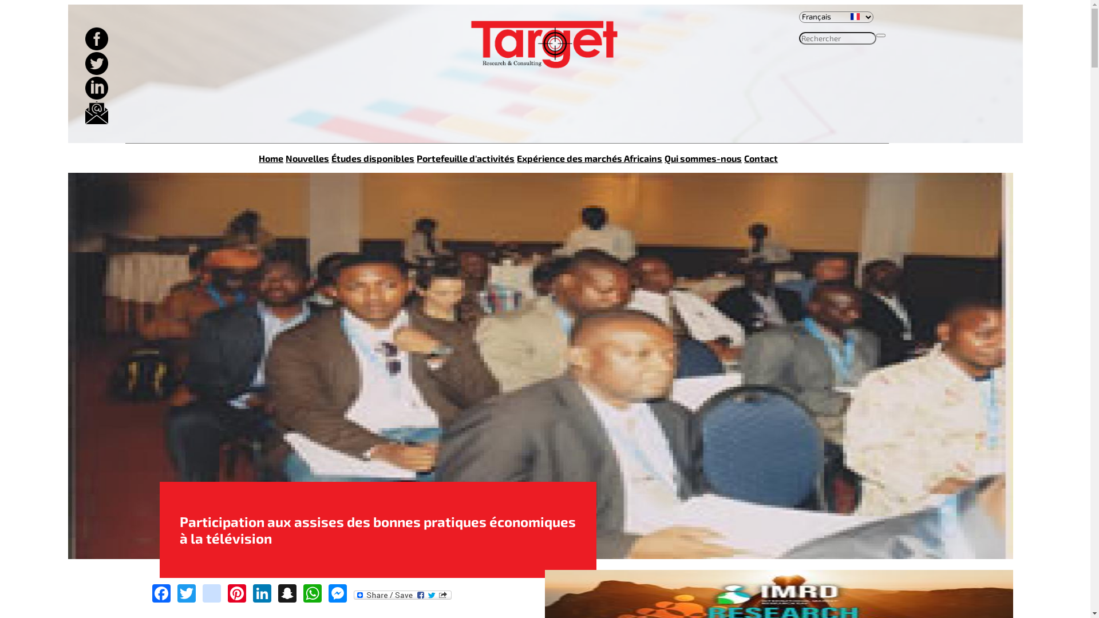  Describe the element at coordinates (301, 592) in the screenshot. I see `'WhatsApp'` at that location.